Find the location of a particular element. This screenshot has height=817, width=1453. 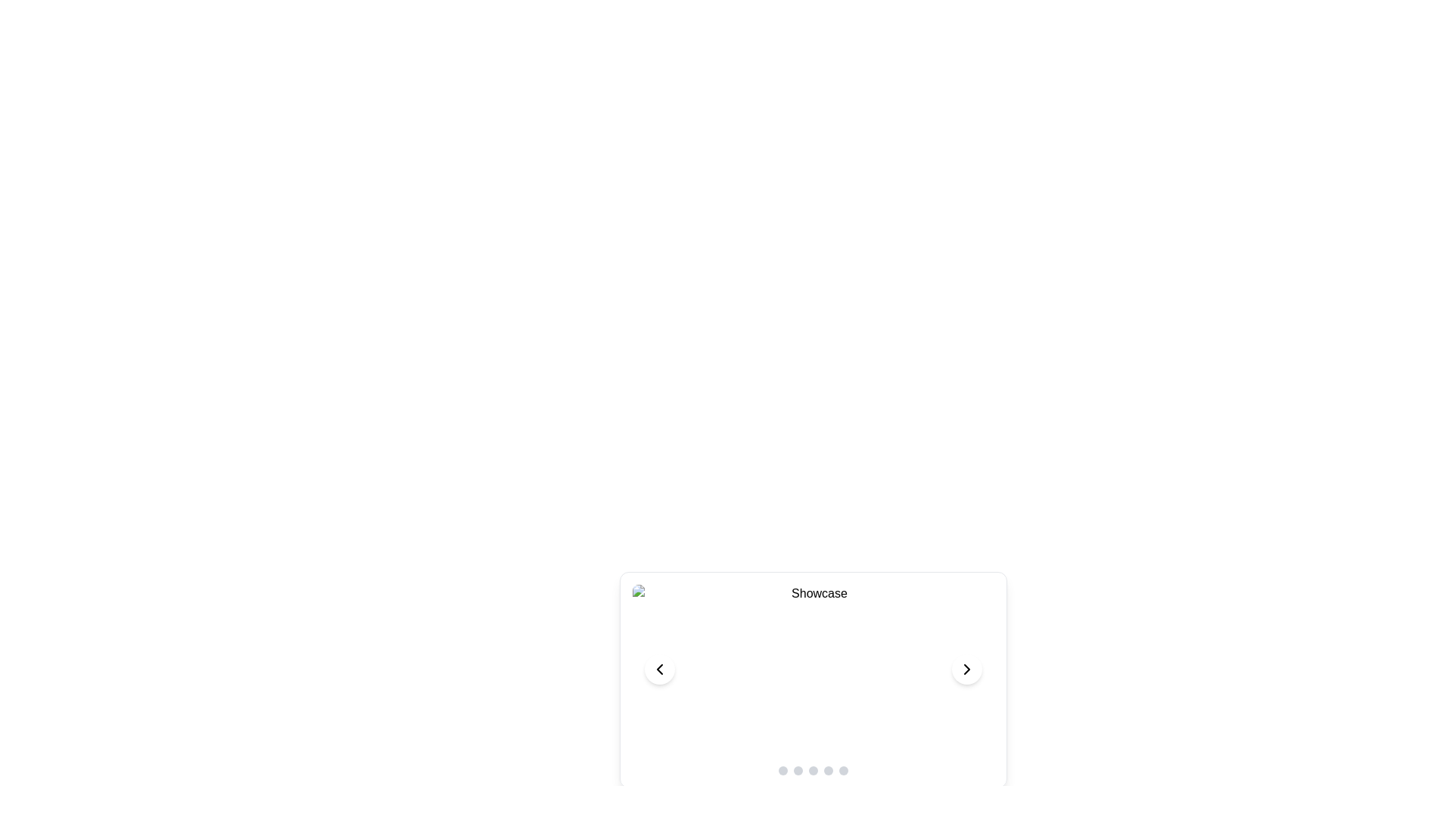

the fifth circular navigation button with a gray background located at the bottom center of the interface is located at coordinates (842, 770).